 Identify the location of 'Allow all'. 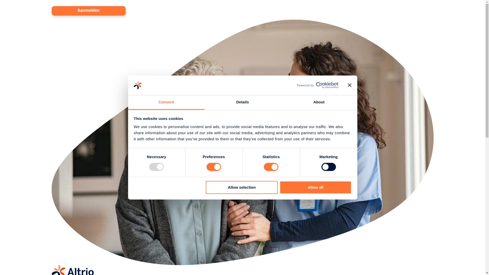
(315, 187).